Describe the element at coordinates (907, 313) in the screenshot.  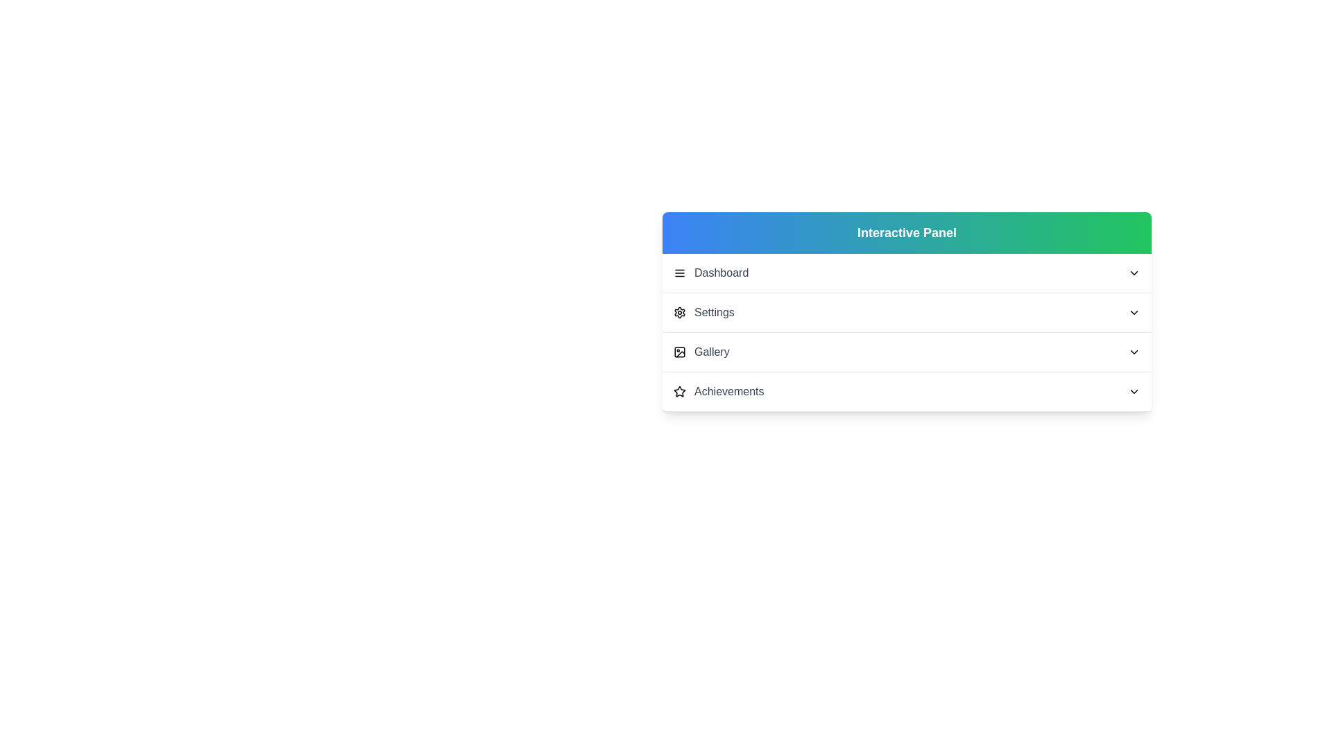
I see `the 'Settings' menu item, which is the second item in the vertical menu list` at that location.